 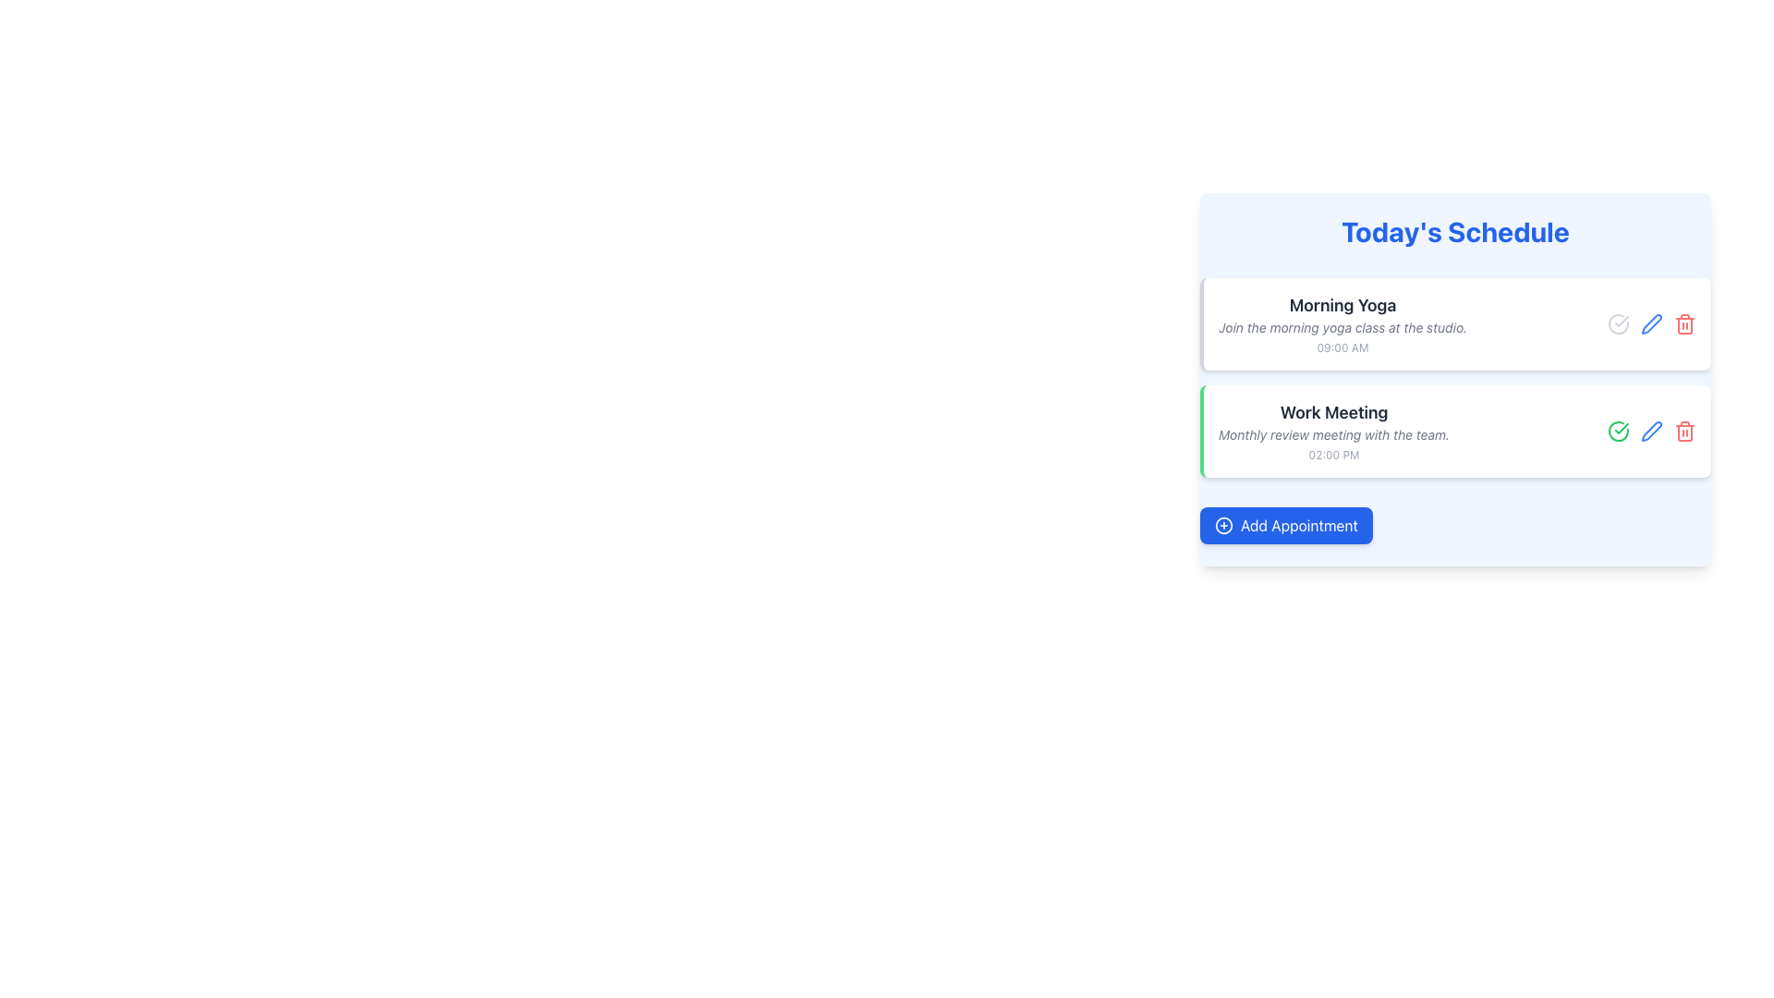 What do you see at coordinates (1334, 456) in the screenshot?
I see `the Text Label displaying '02:00 PM' which is located below the description of the 'Work Meeting' agenda item` at bounding box center [1334, 456].